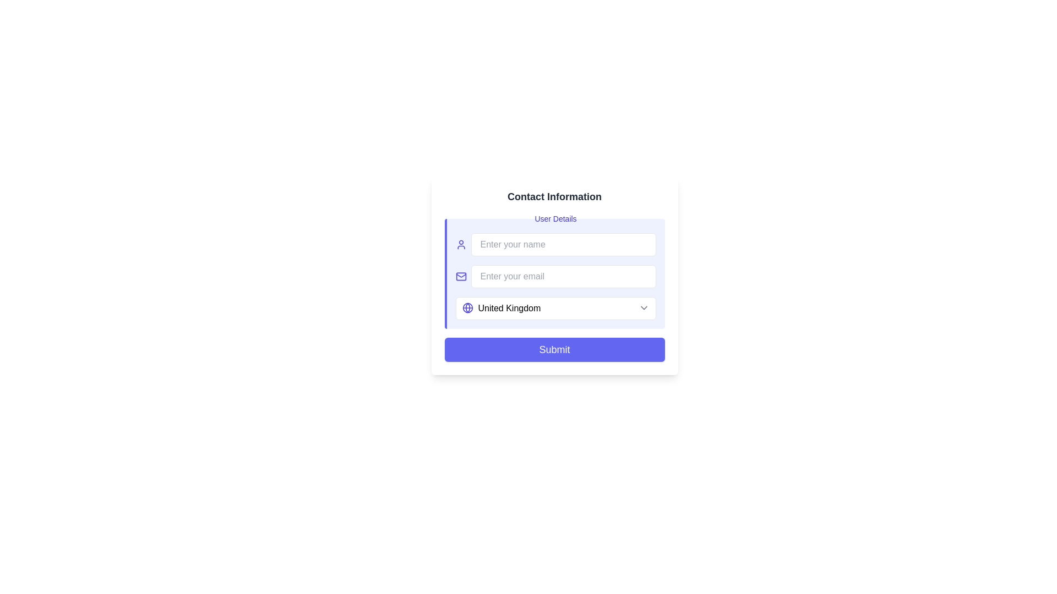 The height and width of the screenshot is (594, 1057). I want to click on the downwards pointing chevron icon located at the right side of the country selection field adjacent to 'United Kingdom', so click(644, 307).